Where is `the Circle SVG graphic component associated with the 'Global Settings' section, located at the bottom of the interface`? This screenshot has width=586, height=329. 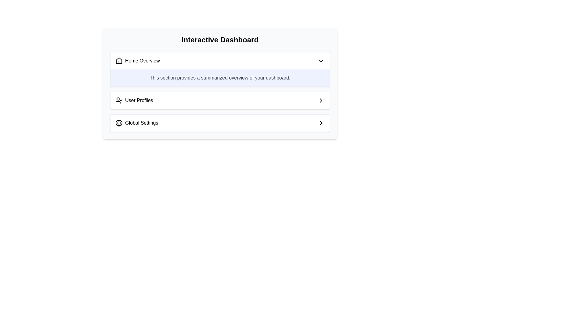
the Circle SVG graphic component associated with the 'Global Settings' section, located at the bottom of the interface is located at coordinates (119, 123).